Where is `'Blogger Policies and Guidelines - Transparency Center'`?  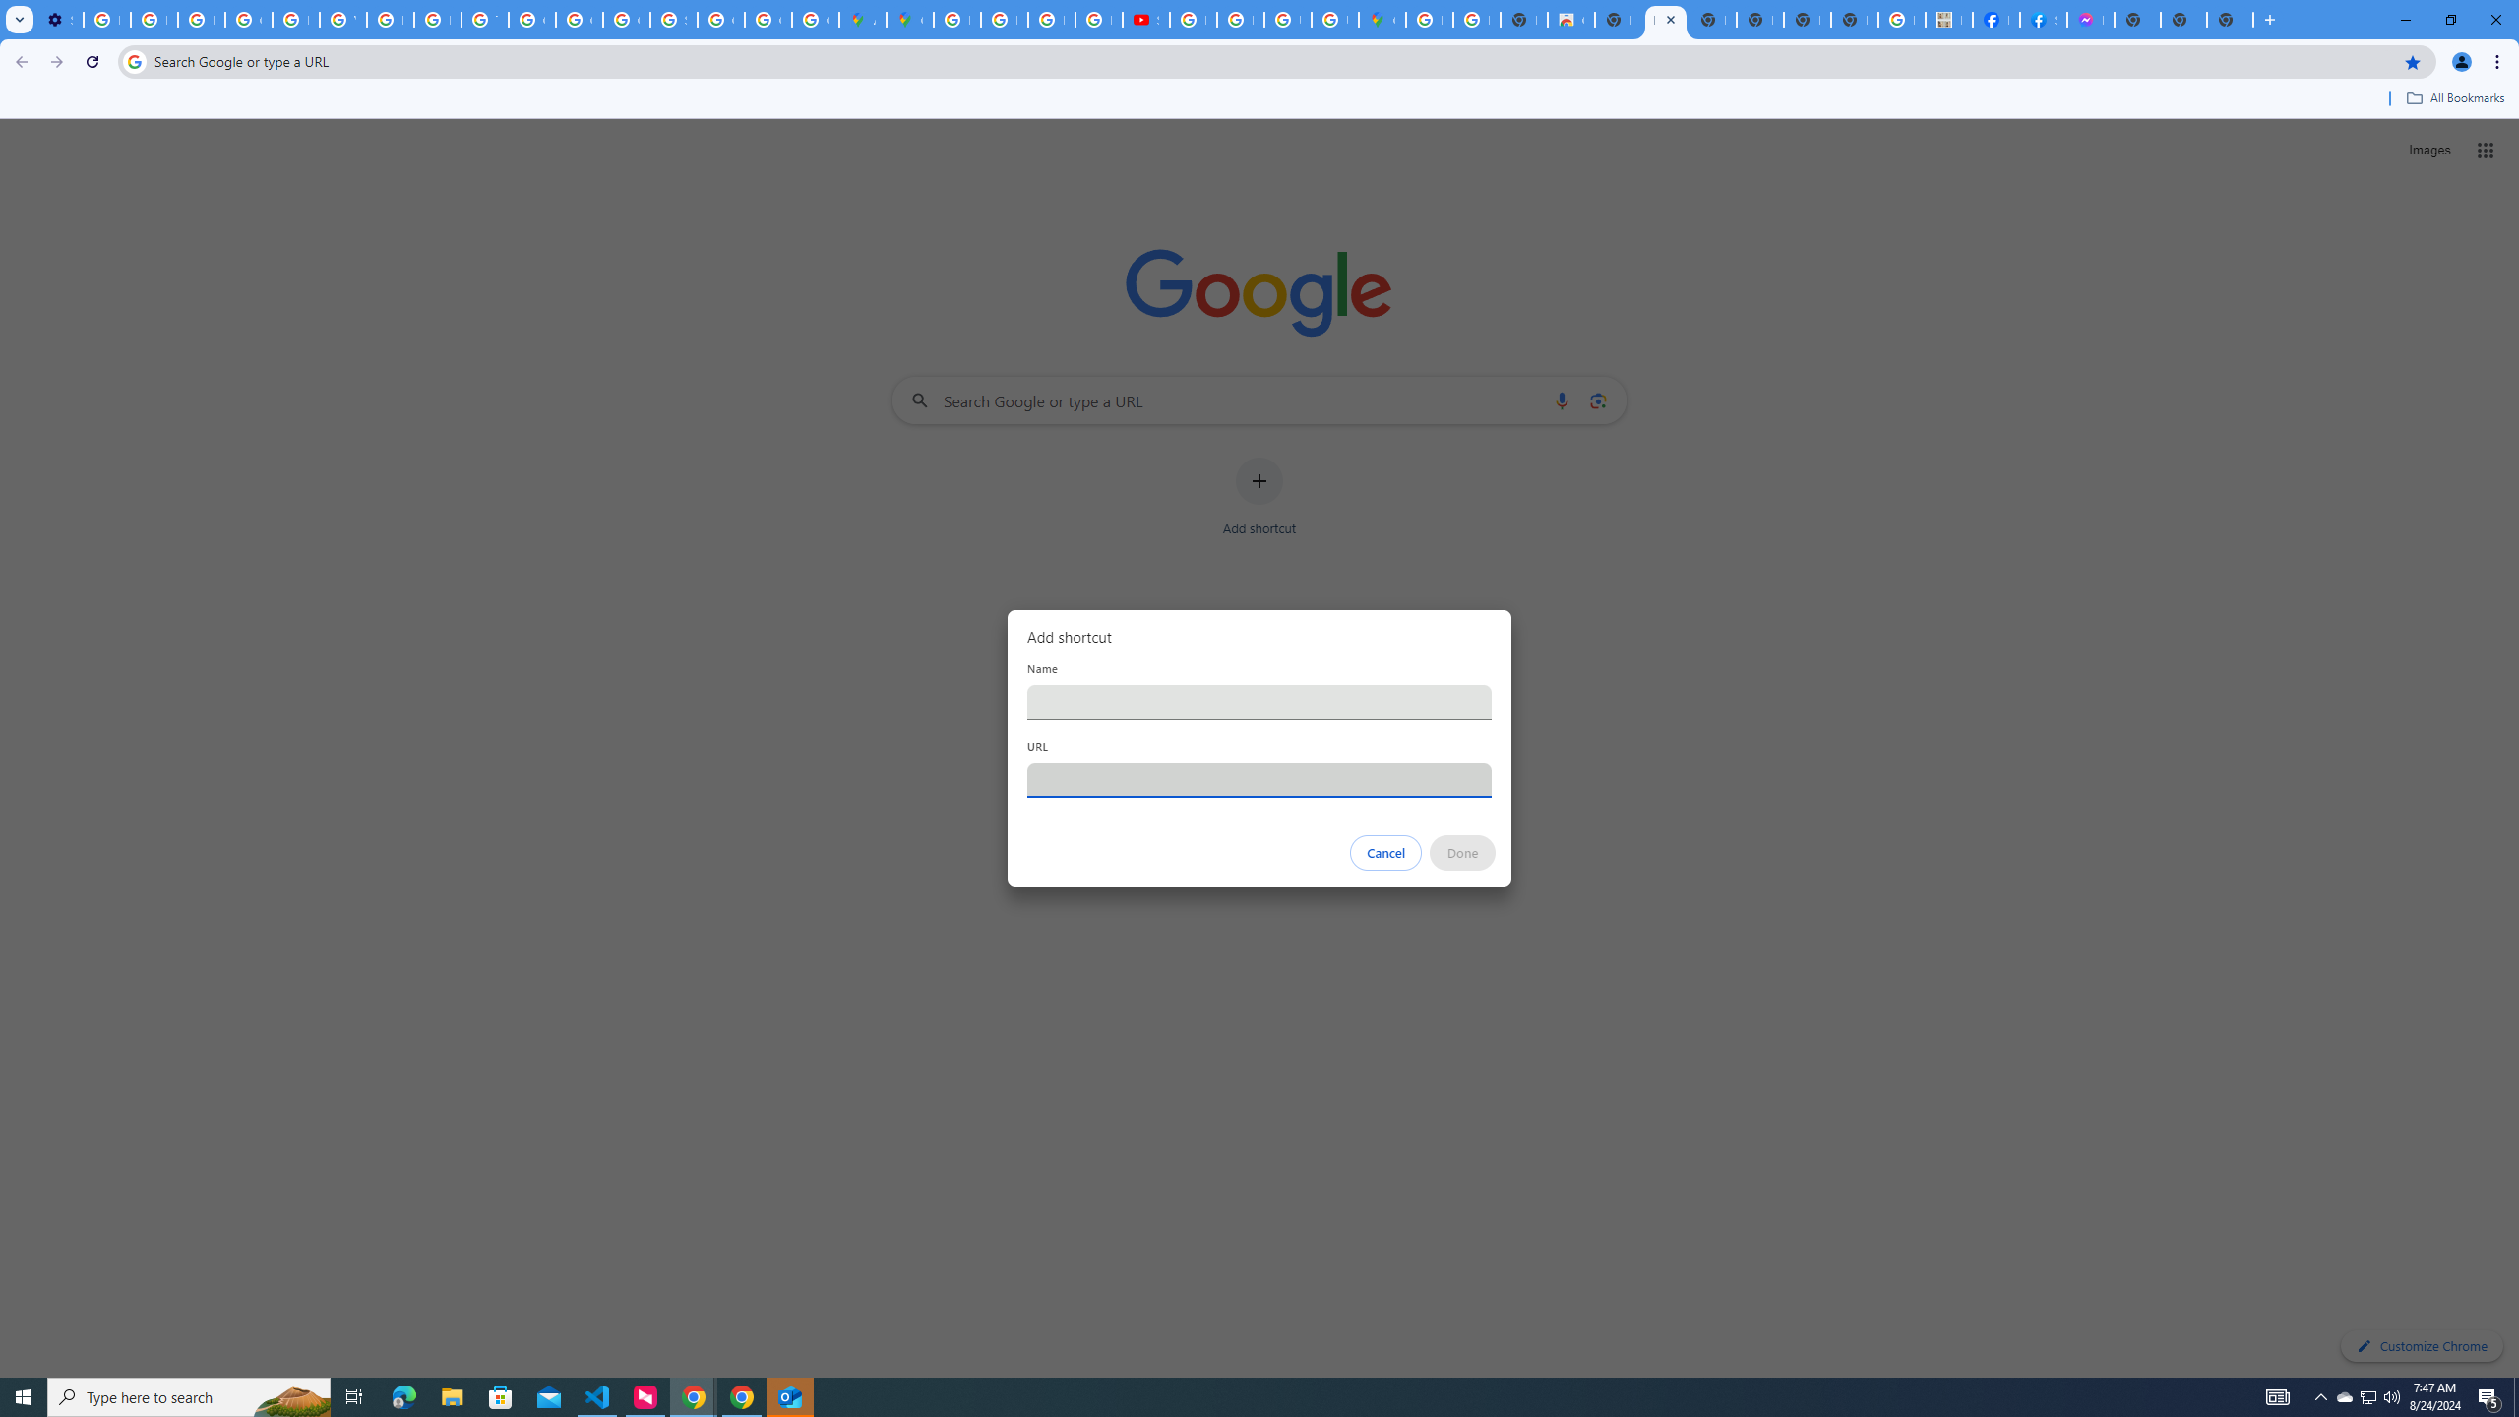 'Blogger Policies and Guidelines - Transparency Center' is located at coordinates (955, 19).